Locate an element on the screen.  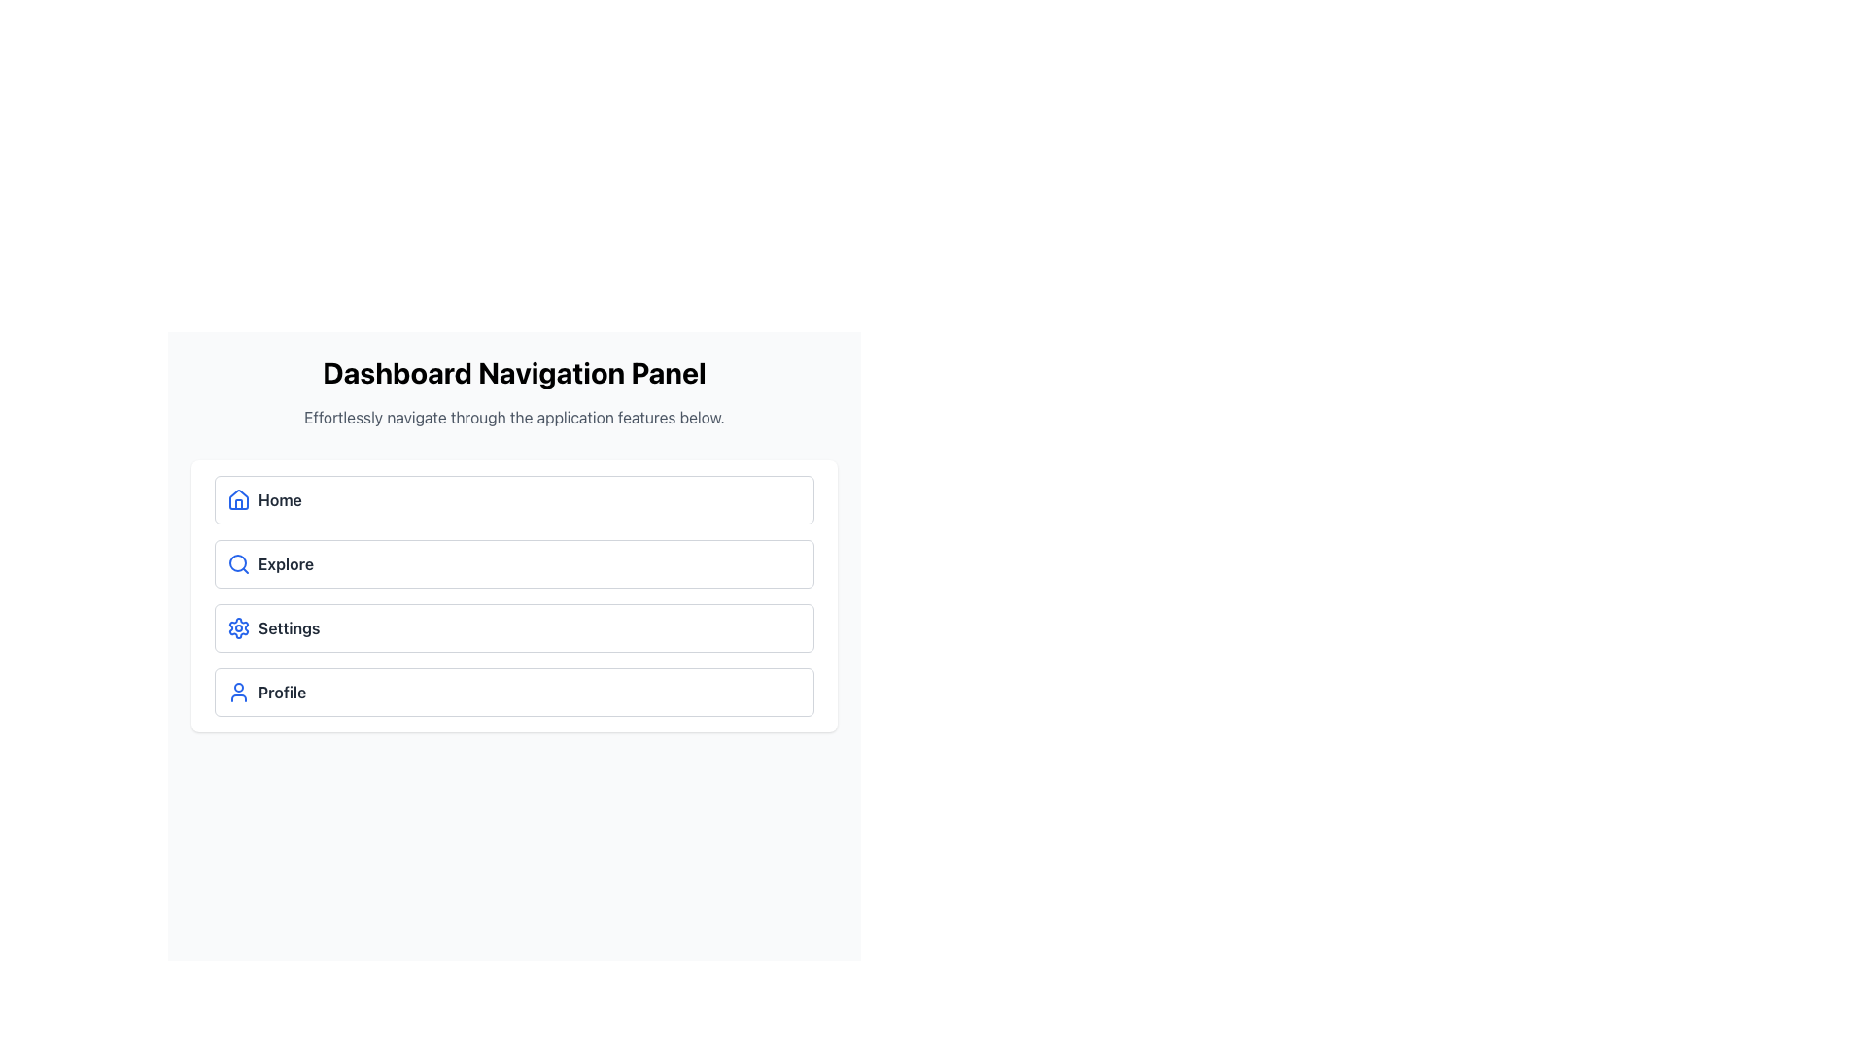
the 'Home' navigation button icon located at the top-left of the interface in the navigation panel is located at coordinates (237, 497).